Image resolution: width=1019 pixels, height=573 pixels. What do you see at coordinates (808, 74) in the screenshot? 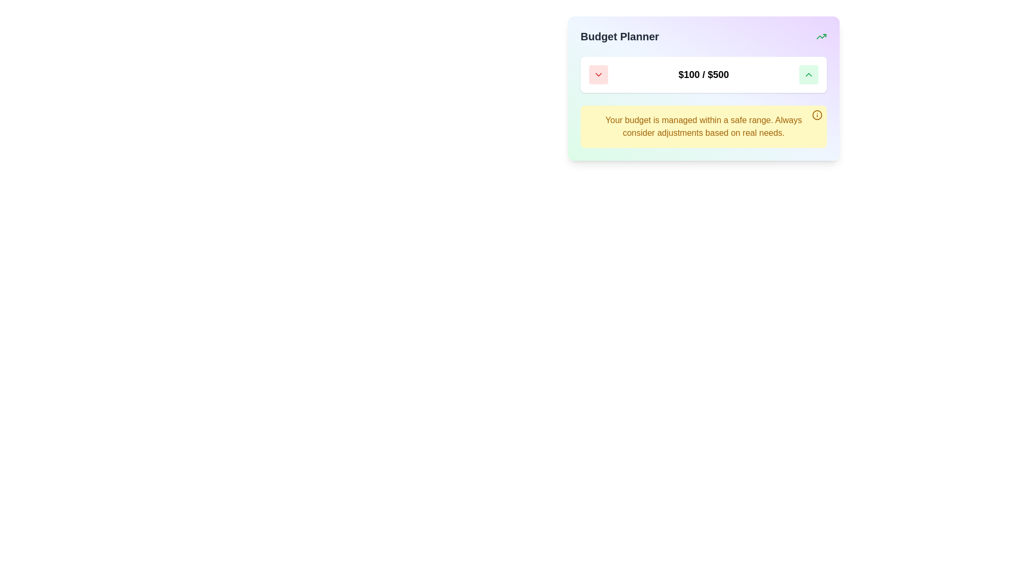
I see `the increment button located to the right of the budget display ('$100 / $500')` at bounding box center [808, 74].